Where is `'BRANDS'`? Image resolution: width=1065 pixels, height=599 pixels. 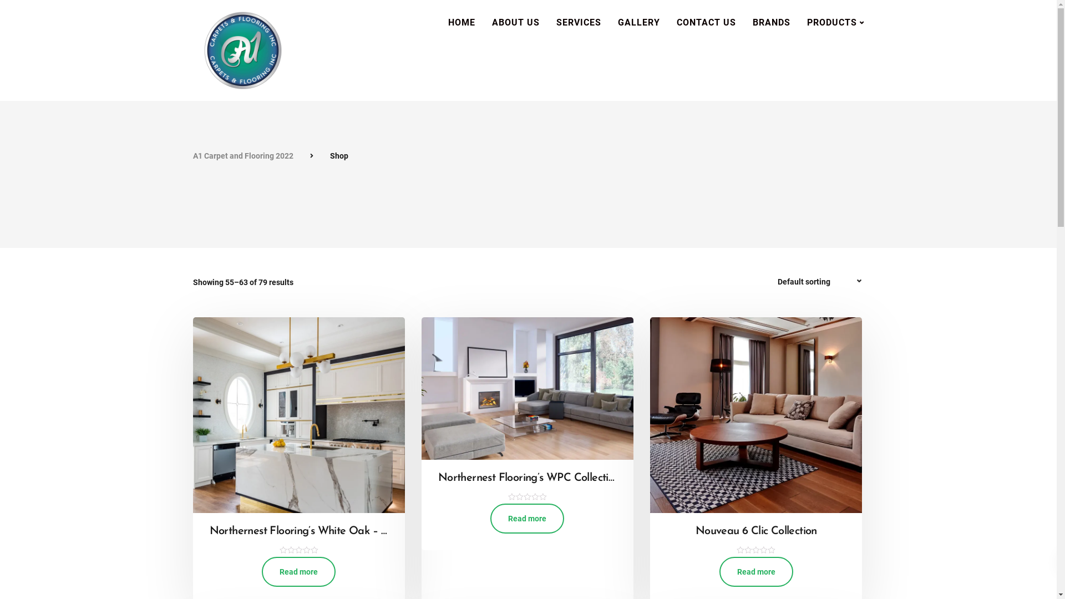
'BRANDS' is located at coordinates (771, 23).